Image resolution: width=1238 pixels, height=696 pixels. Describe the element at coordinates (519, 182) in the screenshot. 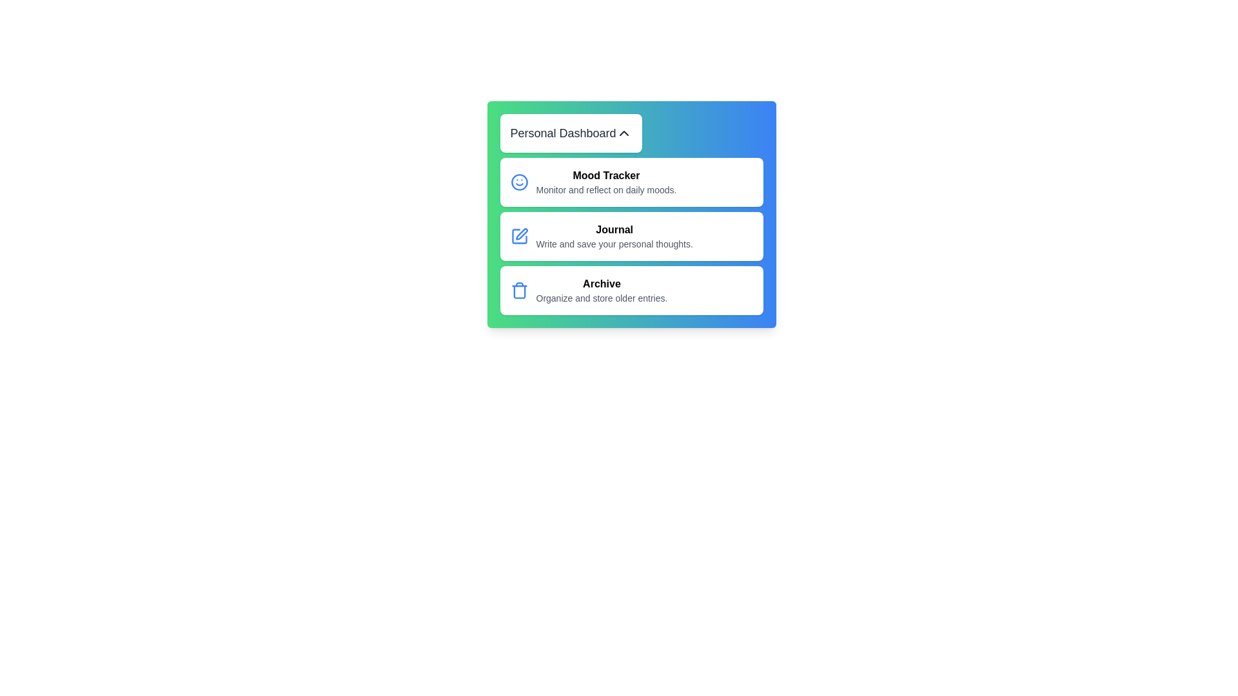

I see `the icon next to the menu item Mood Tracker` at that location.